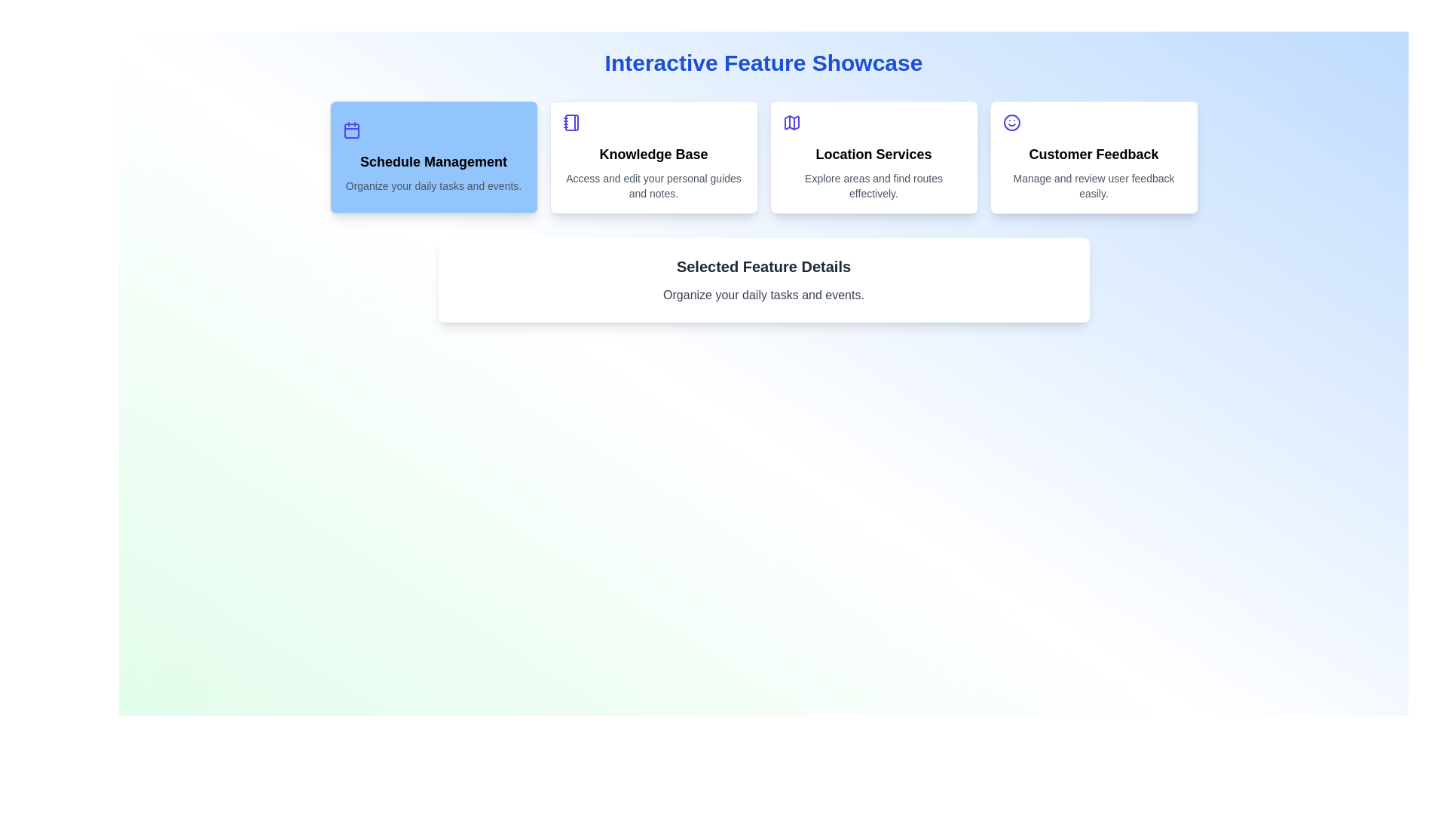 Image resolution: width=1447 pixels, height=814 pixels. Describe the element at coordinates (1094, 185) in the screenshot. I see `the text element displaying 'Manage and review user feedback easily.' located at the bottom of the 'Customer Feedback' card` at that location.